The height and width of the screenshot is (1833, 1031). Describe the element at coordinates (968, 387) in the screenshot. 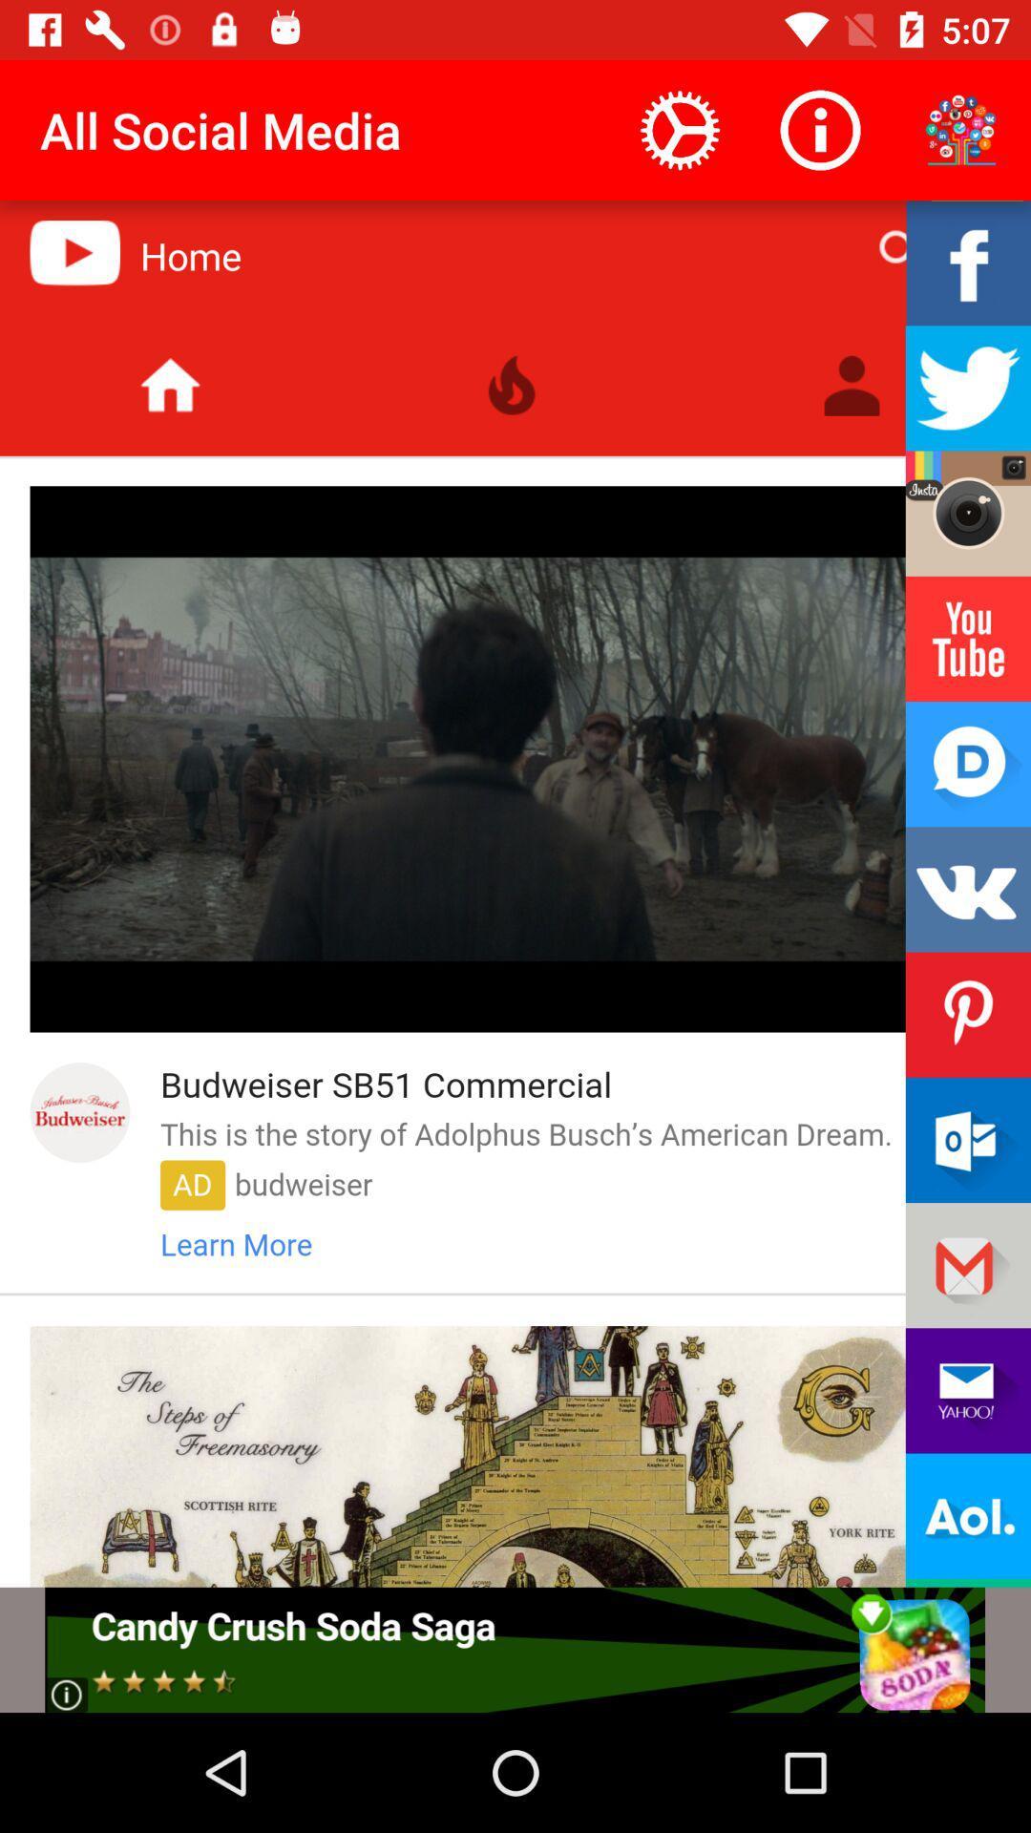

I see `the twitter icon` at that location.